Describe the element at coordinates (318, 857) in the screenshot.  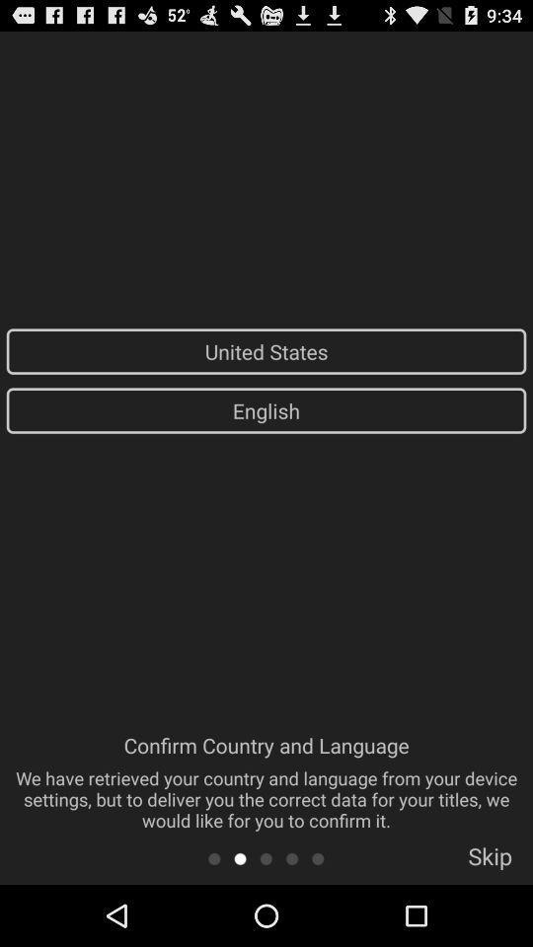
I see `item next to skip` at that location.